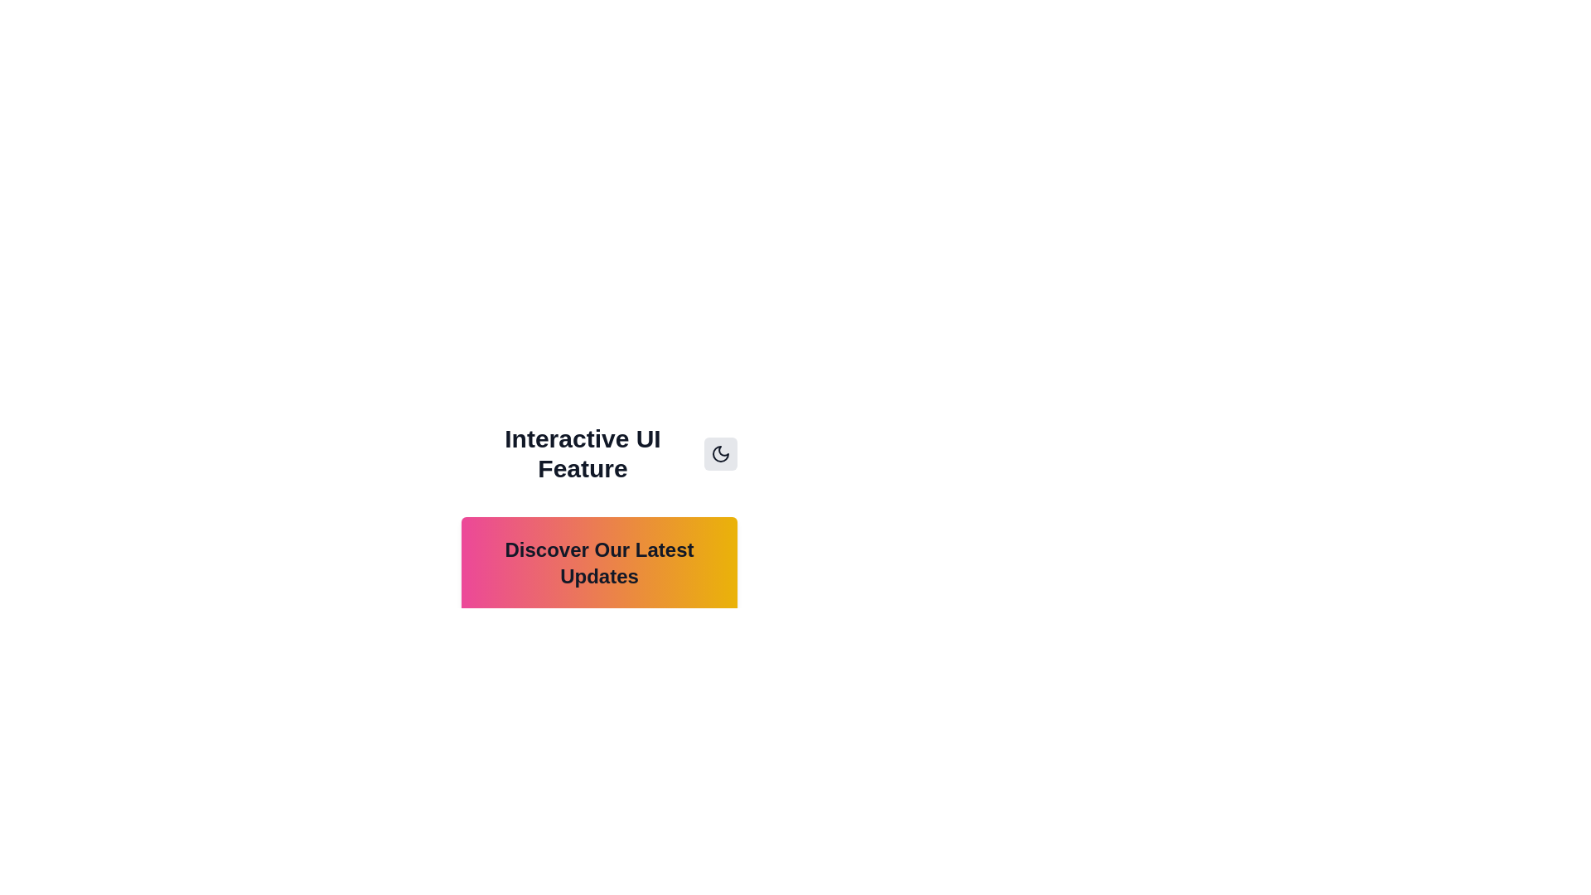 This screenshot has height=895, width=1591. Describe the element at coordinates (598, 562) in the screenshot. I see `the Text Display containing the bold text 'Discover Our Latest Updates', which is styled with a dark color on a vivid pink-to-yellow gradient background` at that location.